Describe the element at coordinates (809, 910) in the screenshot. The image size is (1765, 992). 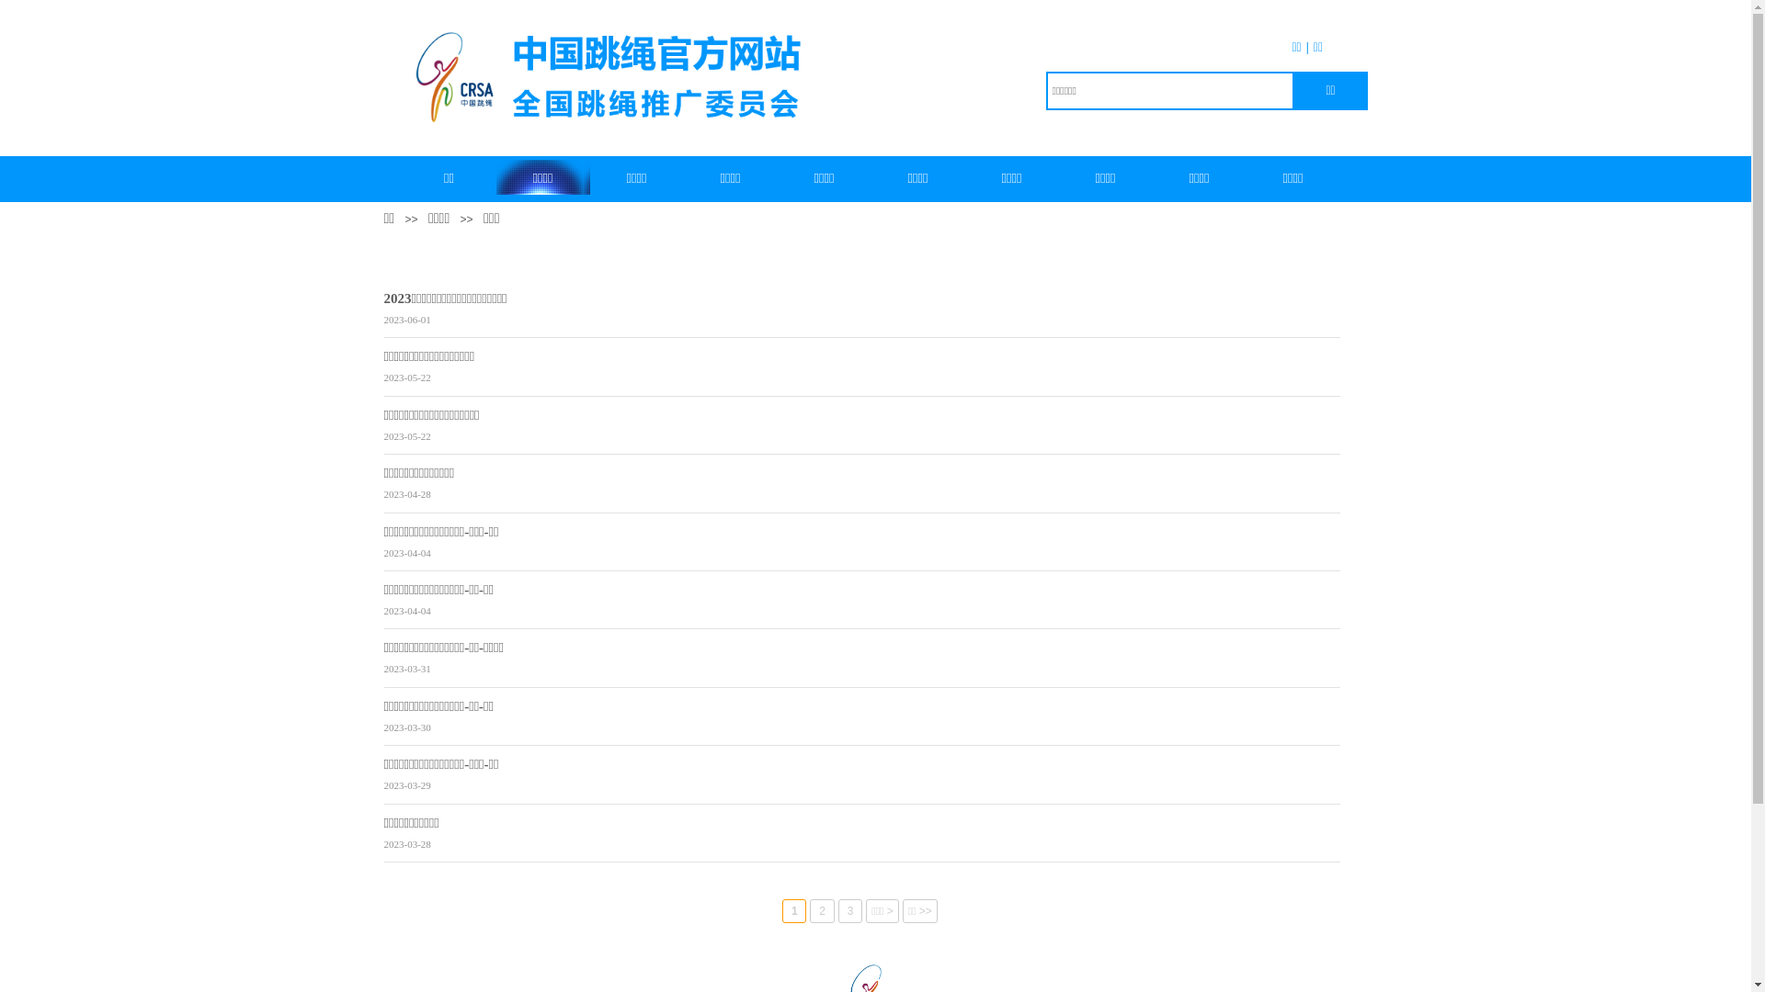
I see `'2'` at that location.